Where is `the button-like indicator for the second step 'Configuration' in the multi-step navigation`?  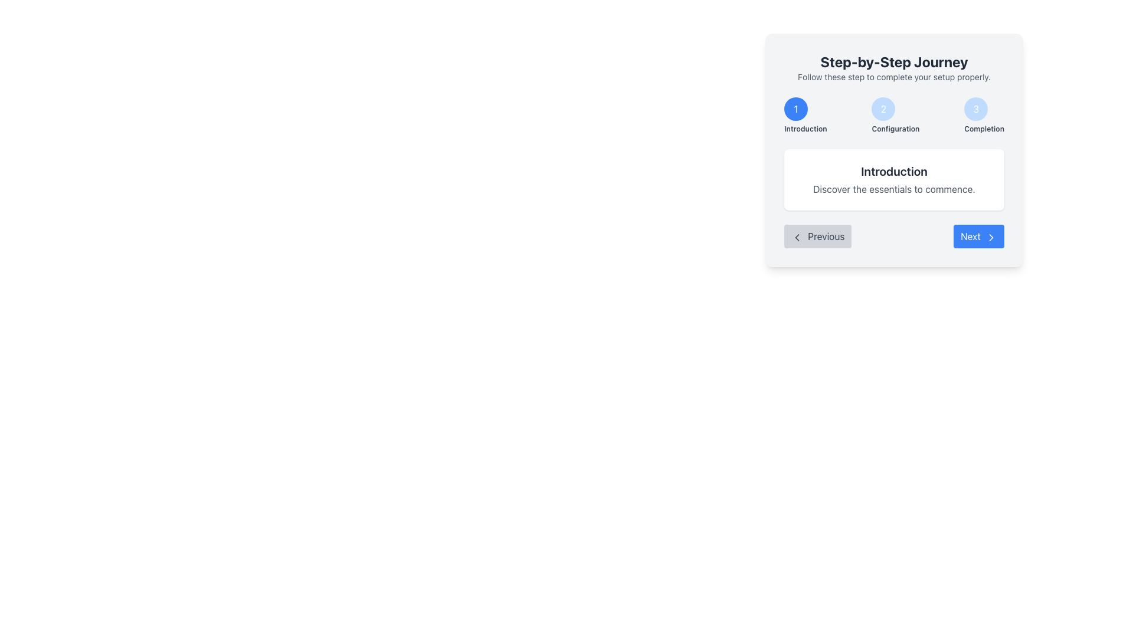 the button-like indicator for the second step 'Configuration' in the multi-step navigation is located at coordinates (883, 109).